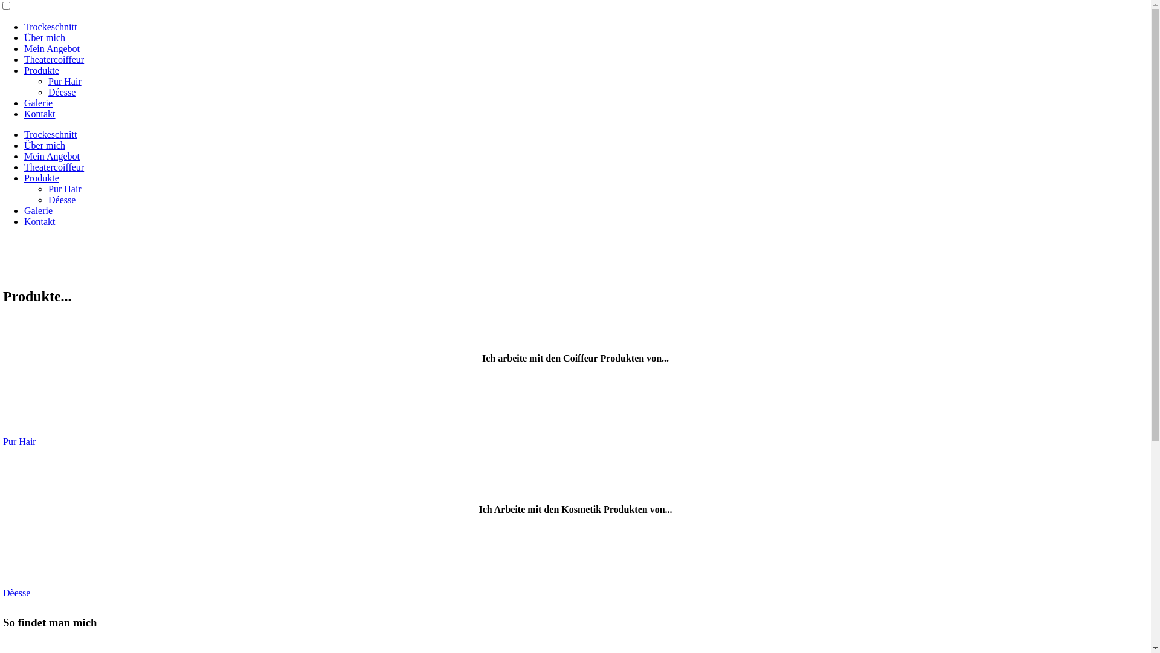  Describe the element at coordinates (40, 114) in the screenshot. I see `'Kontakt'` at that location.